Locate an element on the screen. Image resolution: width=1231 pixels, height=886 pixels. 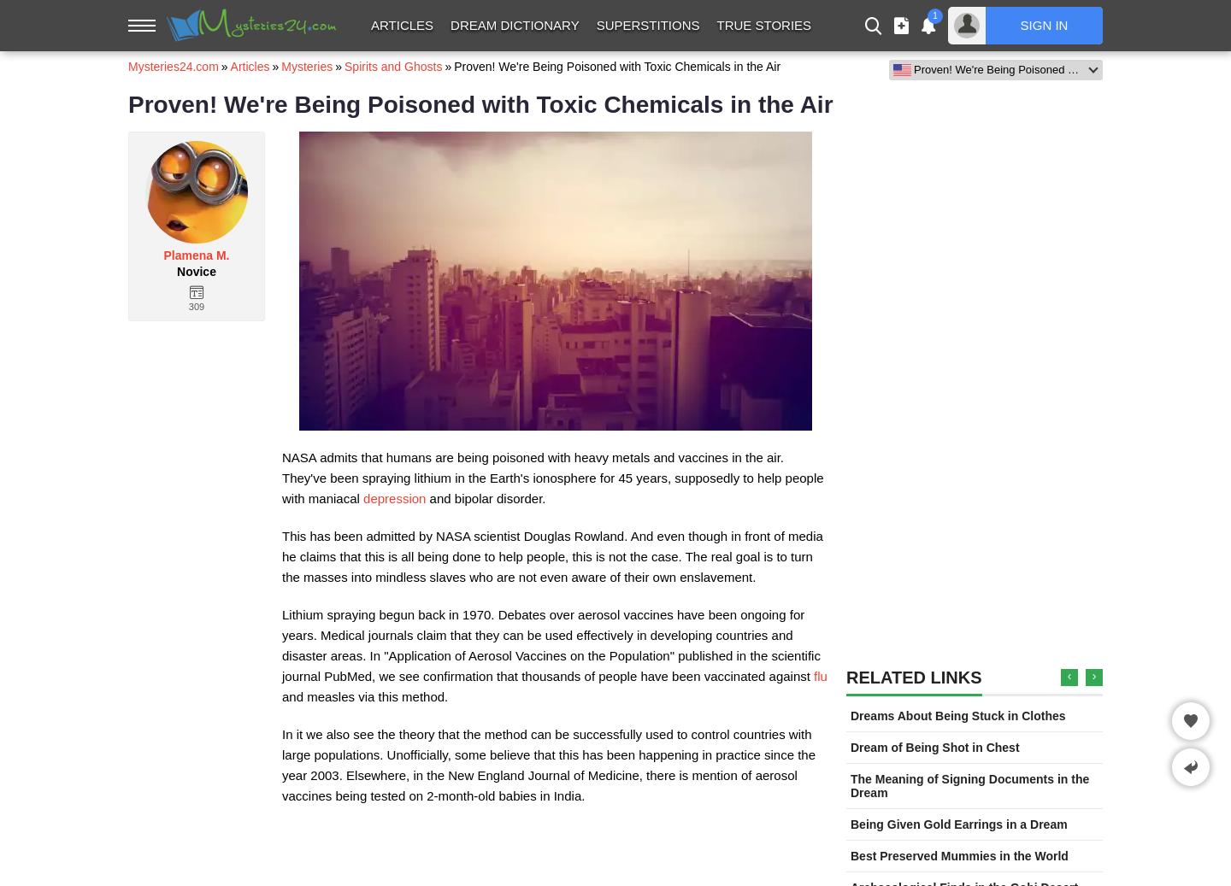
'Mysteries24.com' is located at coordinates (173, 65).